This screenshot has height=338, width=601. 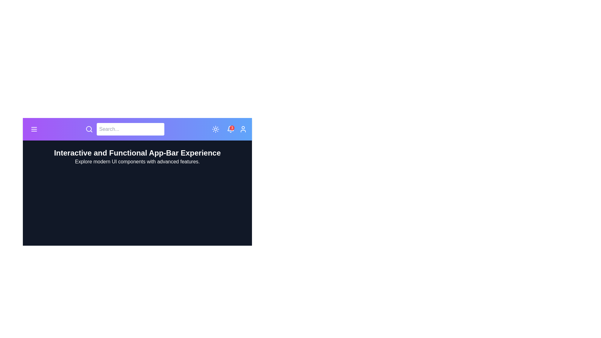 I want to click on the user icon to interact with the user profile, so click(x=243, y=129).